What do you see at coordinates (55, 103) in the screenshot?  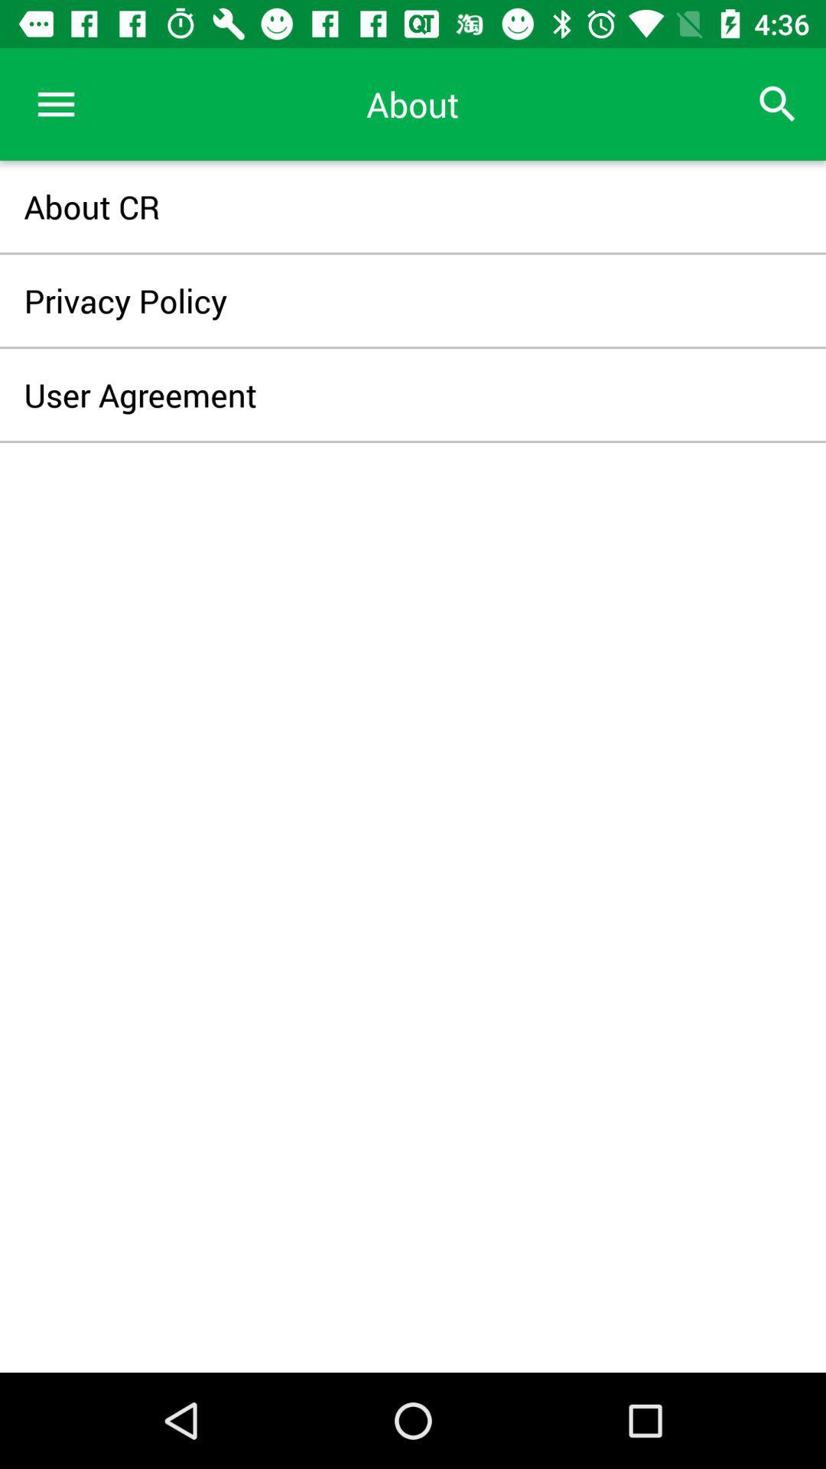 I see `icon next to the about item` at bounding box center [55, 103].